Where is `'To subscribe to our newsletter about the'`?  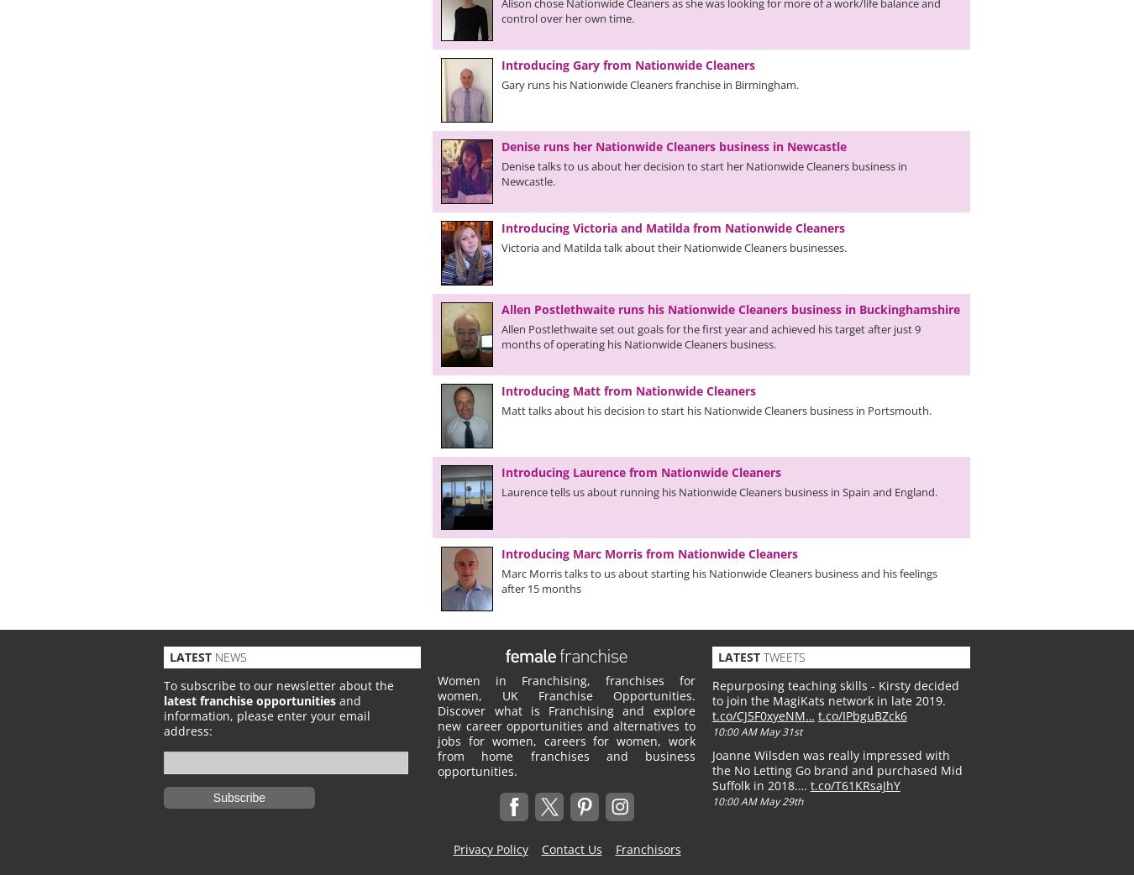
'To subscribe to our newsletter about the' is located at coordinates (277, 685).